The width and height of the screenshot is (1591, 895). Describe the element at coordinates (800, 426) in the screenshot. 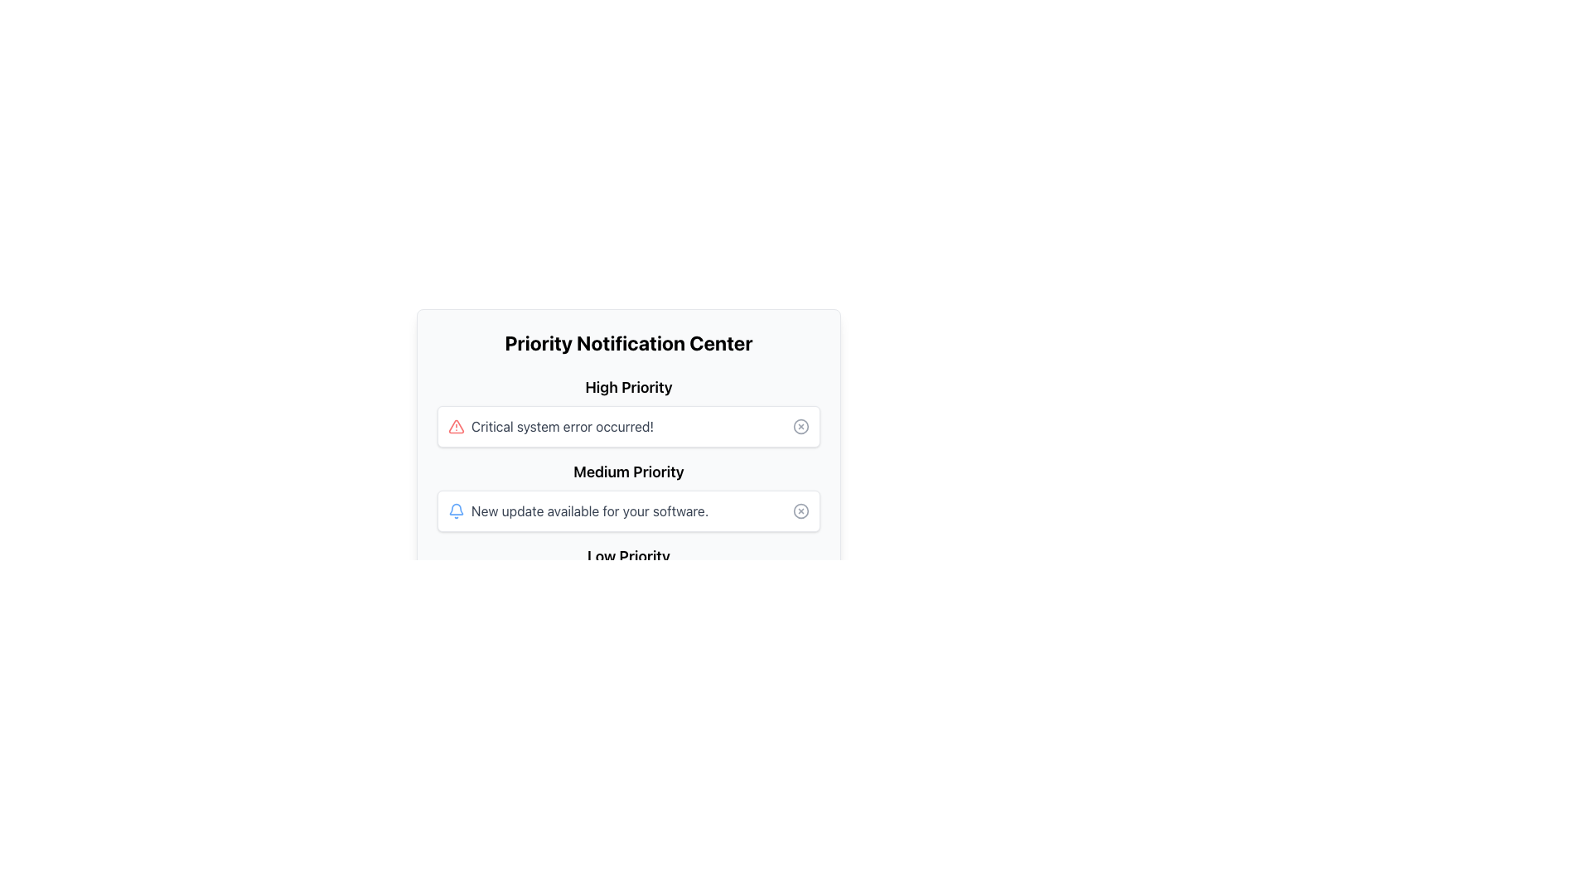

I see `the Close Button located in the rightmost section of the card labeled 'Critical system error occurred!' under 'High Priority' in the 'Priority Notification Center'` at that location.